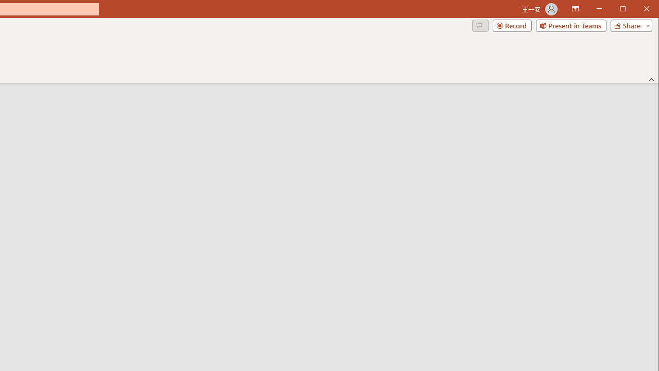  I want to click on 'Maximize', so click(637, 10).